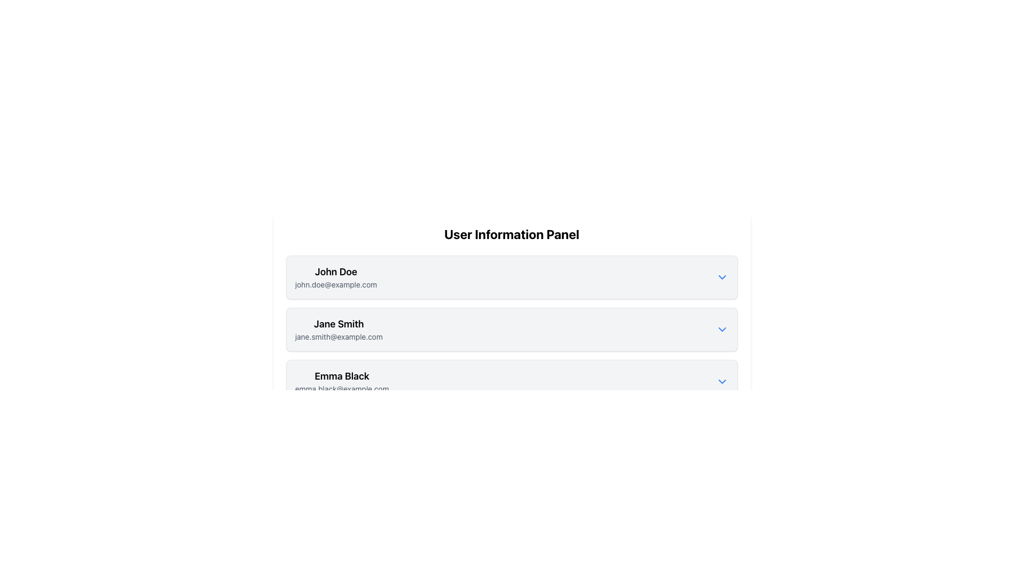 This screenshot has height=575, width=1022. Describe the element at coordinates (335, 271) in the screenshot. I see `the text label identifying the user by name located in the User Information Panel, which is positioned above the email text 'john.doe@example.com'` at that location.